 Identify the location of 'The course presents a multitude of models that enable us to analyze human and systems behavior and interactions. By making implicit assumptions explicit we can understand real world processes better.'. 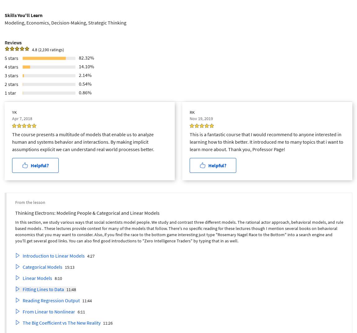
(83, 142).